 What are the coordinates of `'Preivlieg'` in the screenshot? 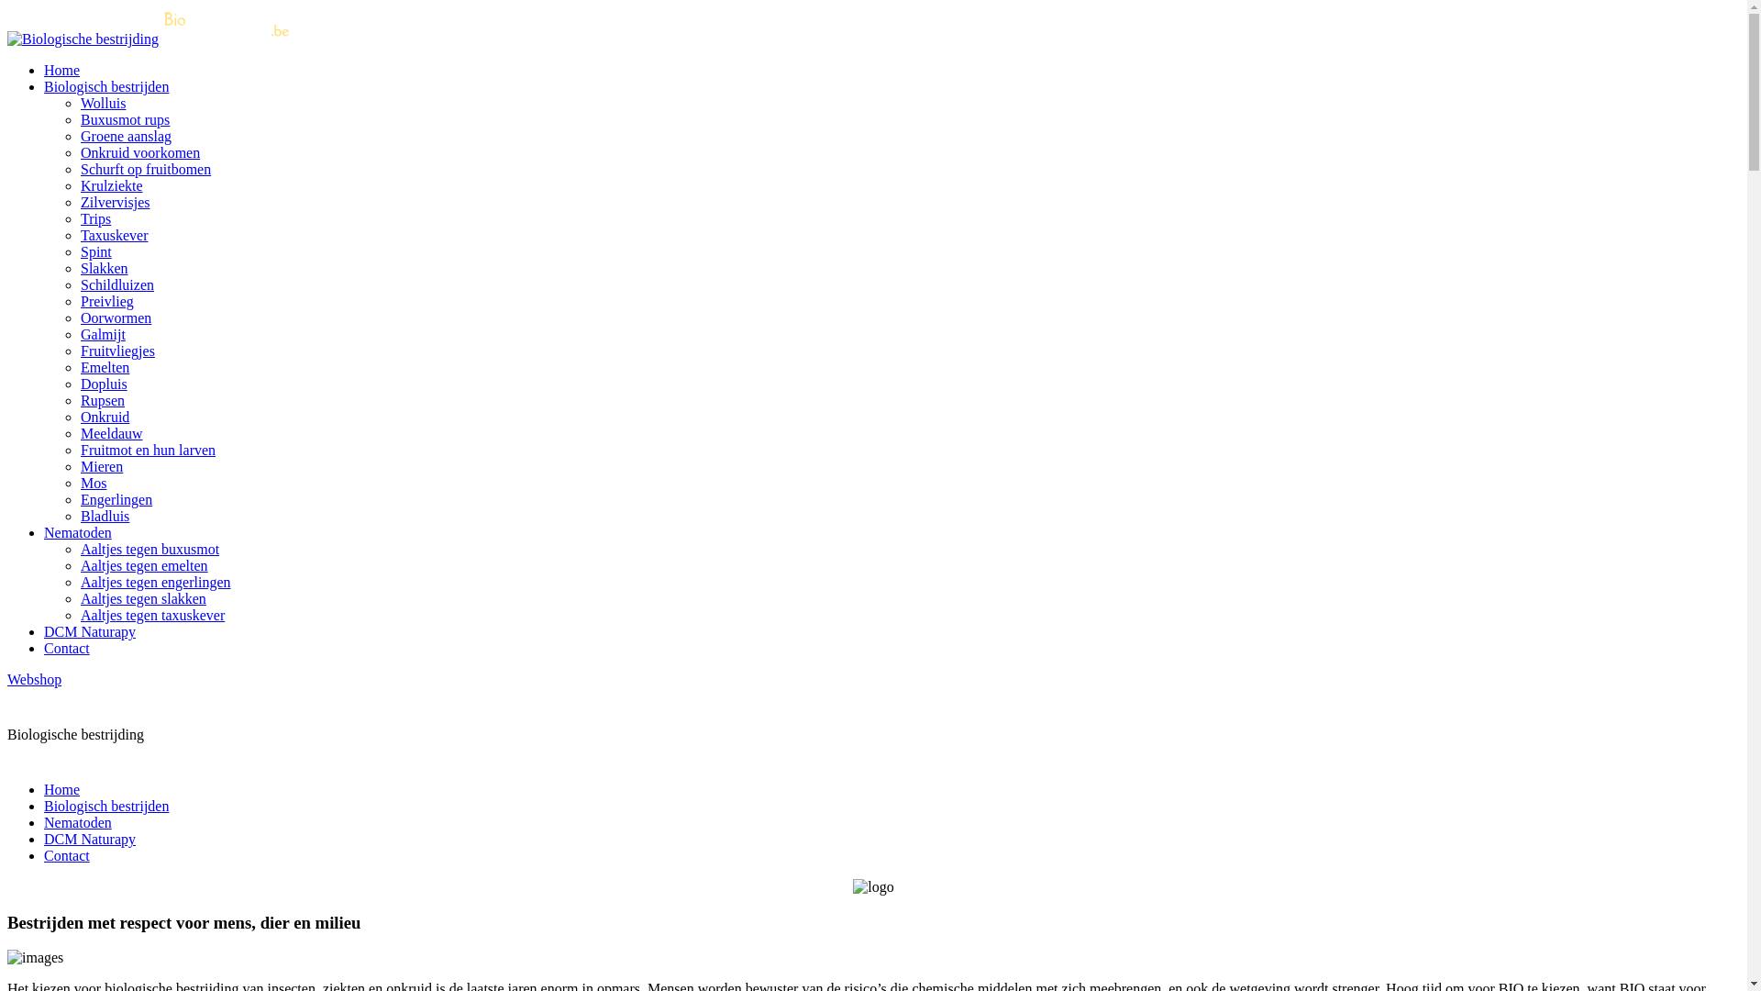 It's located at (105, 300).